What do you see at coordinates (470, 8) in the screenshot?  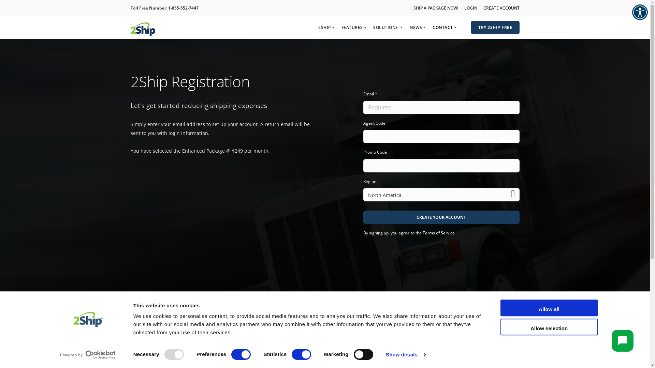 I see `'LOGIN'` at bounding box center [470, 8].